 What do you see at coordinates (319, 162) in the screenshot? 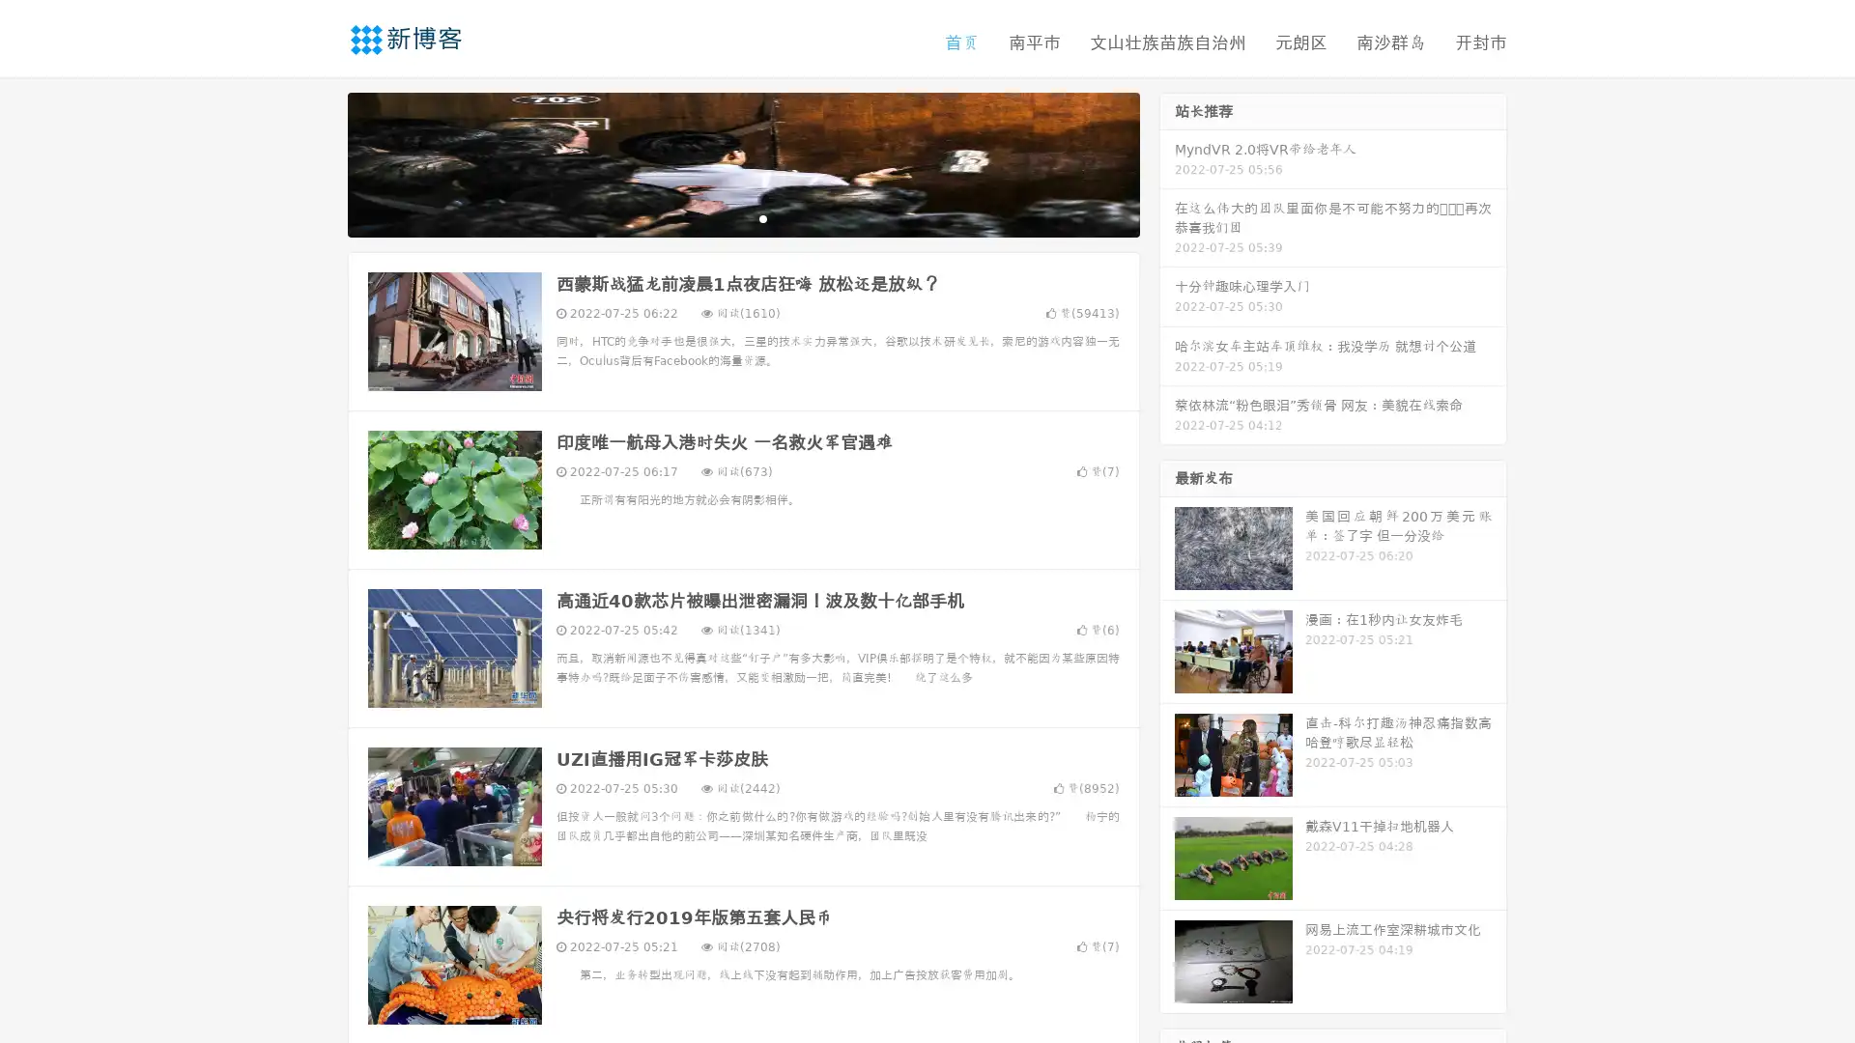
I see `Previous slide` at bounding box center [319, 162].